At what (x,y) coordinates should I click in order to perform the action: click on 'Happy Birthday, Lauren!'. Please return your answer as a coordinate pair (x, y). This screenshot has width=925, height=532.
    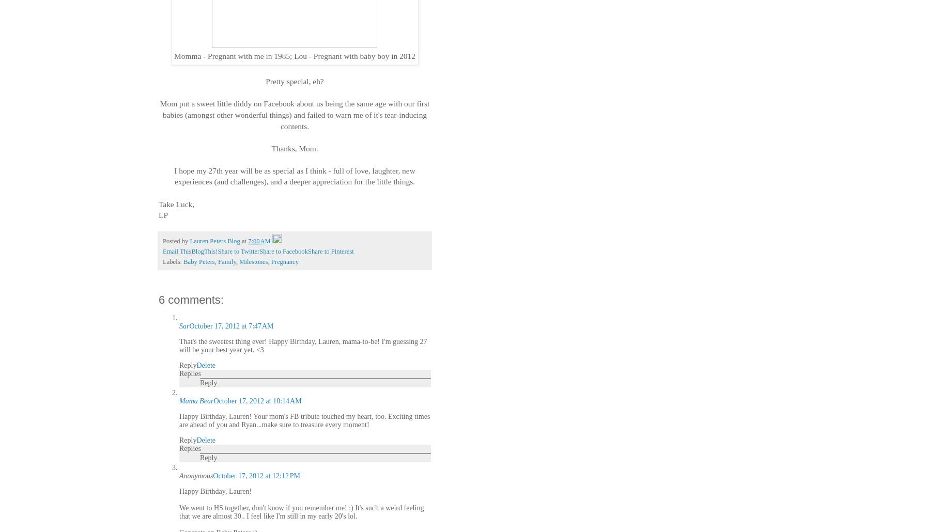
    Looking at the image, I should click on (215, 490).